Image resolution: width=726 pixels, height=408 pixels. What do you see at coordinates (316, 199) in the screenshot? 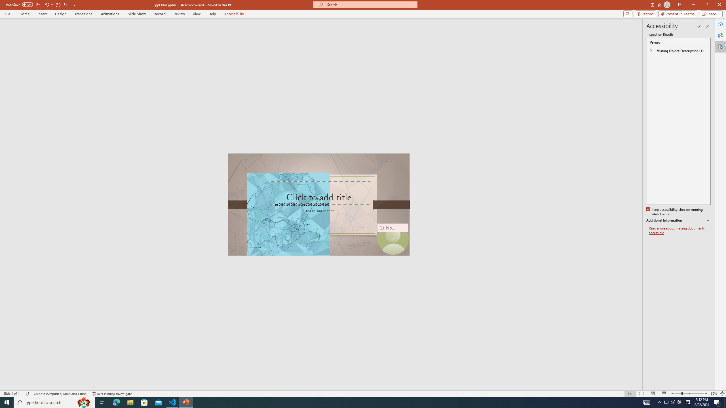
I see `'TextBox 7'` at bounding box center [316, 199].